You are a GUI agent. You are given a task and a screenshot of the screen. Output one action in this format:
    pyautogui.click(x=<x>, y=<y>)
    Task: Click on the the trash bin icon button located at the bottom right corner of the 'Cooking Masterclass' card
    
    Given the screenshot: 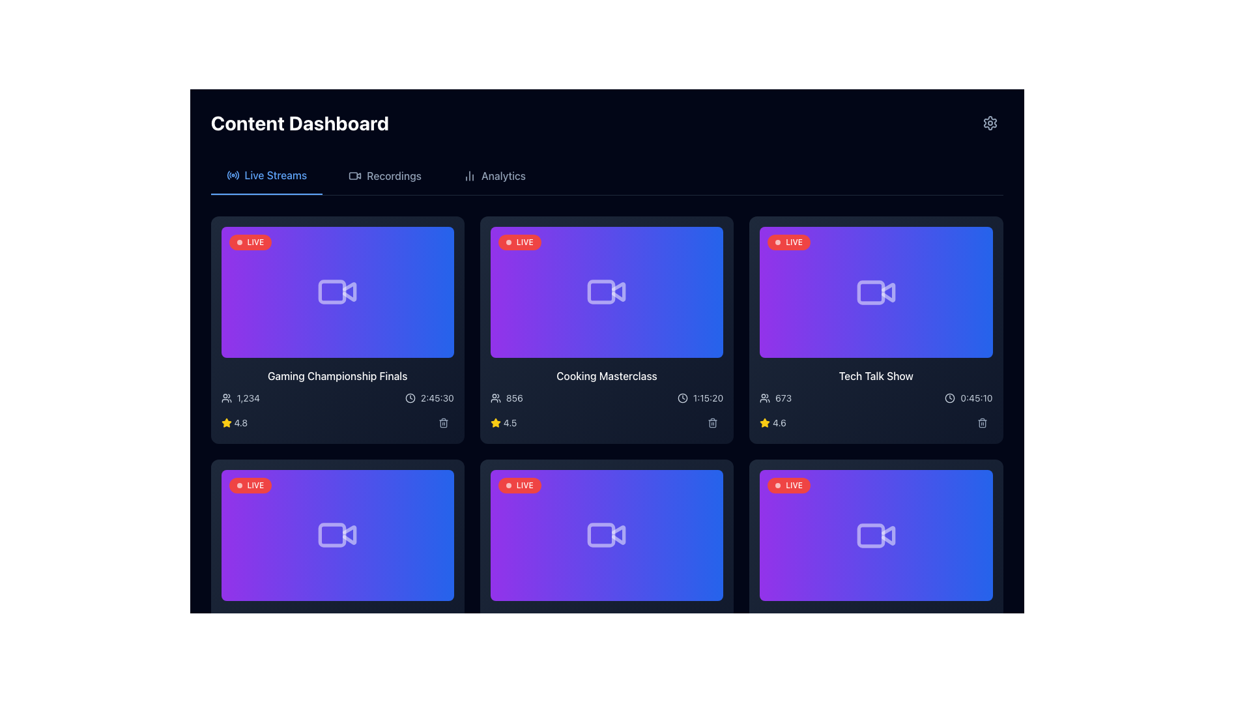 What is the action you would take?
    pyautogui.click(x=712, y=422)
    